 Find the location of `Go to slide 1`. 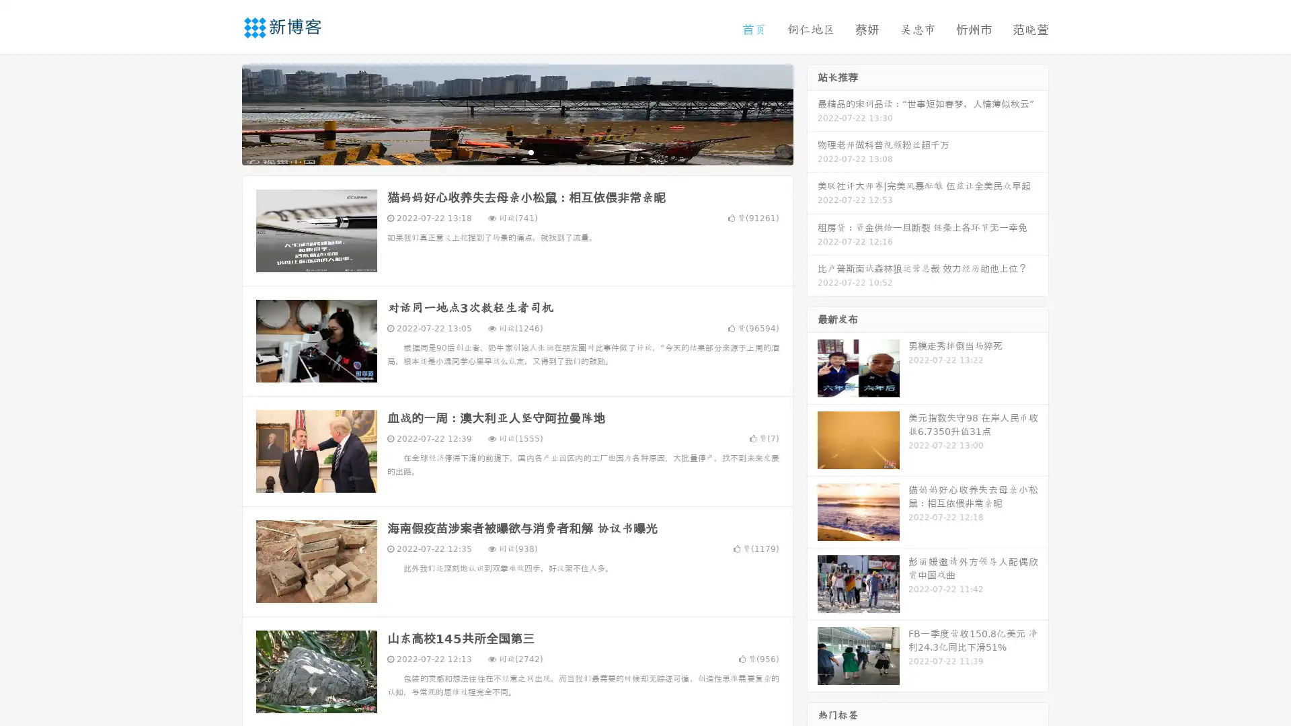

Go to slide 1 is located at coordinates (503, 151).